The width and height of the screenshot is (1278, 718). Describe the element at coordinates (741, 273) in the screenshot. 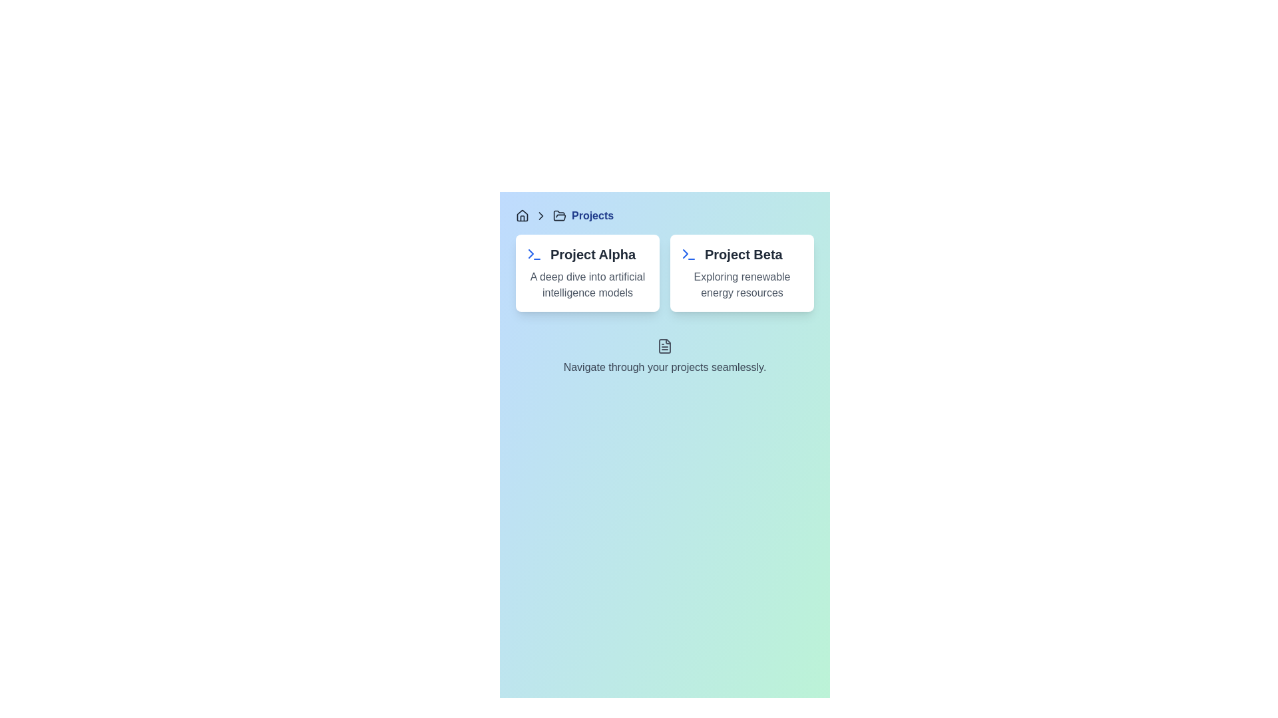

I see `the project summary card for 'Project Beta' which is the second card in the grid layout, located to the right of 'Project Alpha'` at that location.